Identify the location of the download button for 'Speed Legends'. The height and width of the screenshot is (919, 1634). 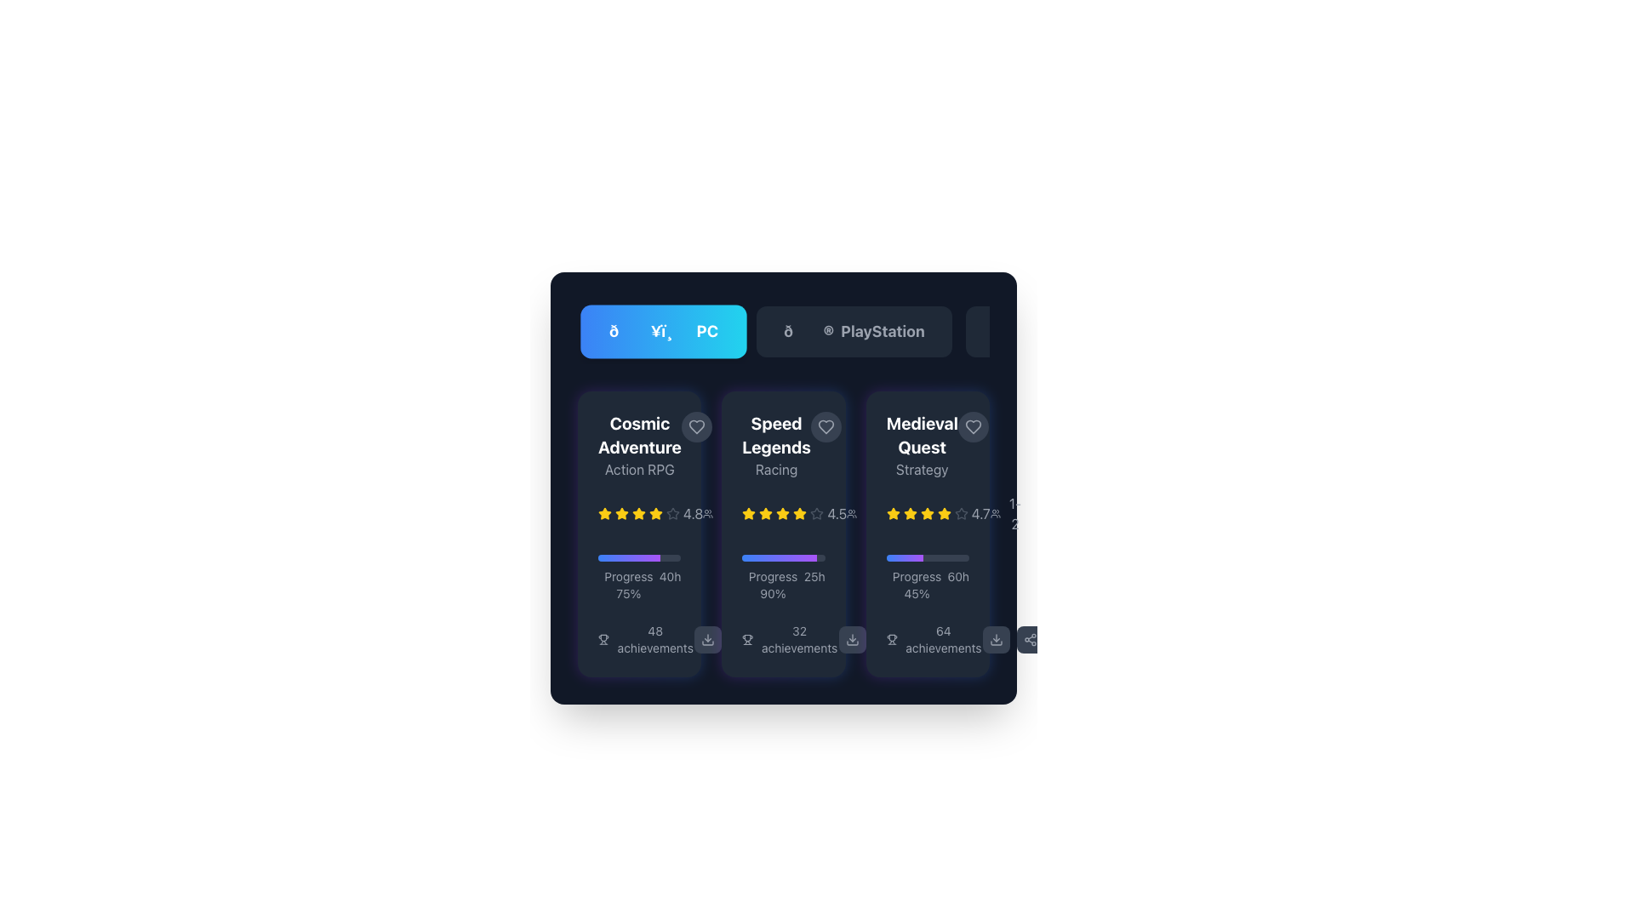
(708, 640).